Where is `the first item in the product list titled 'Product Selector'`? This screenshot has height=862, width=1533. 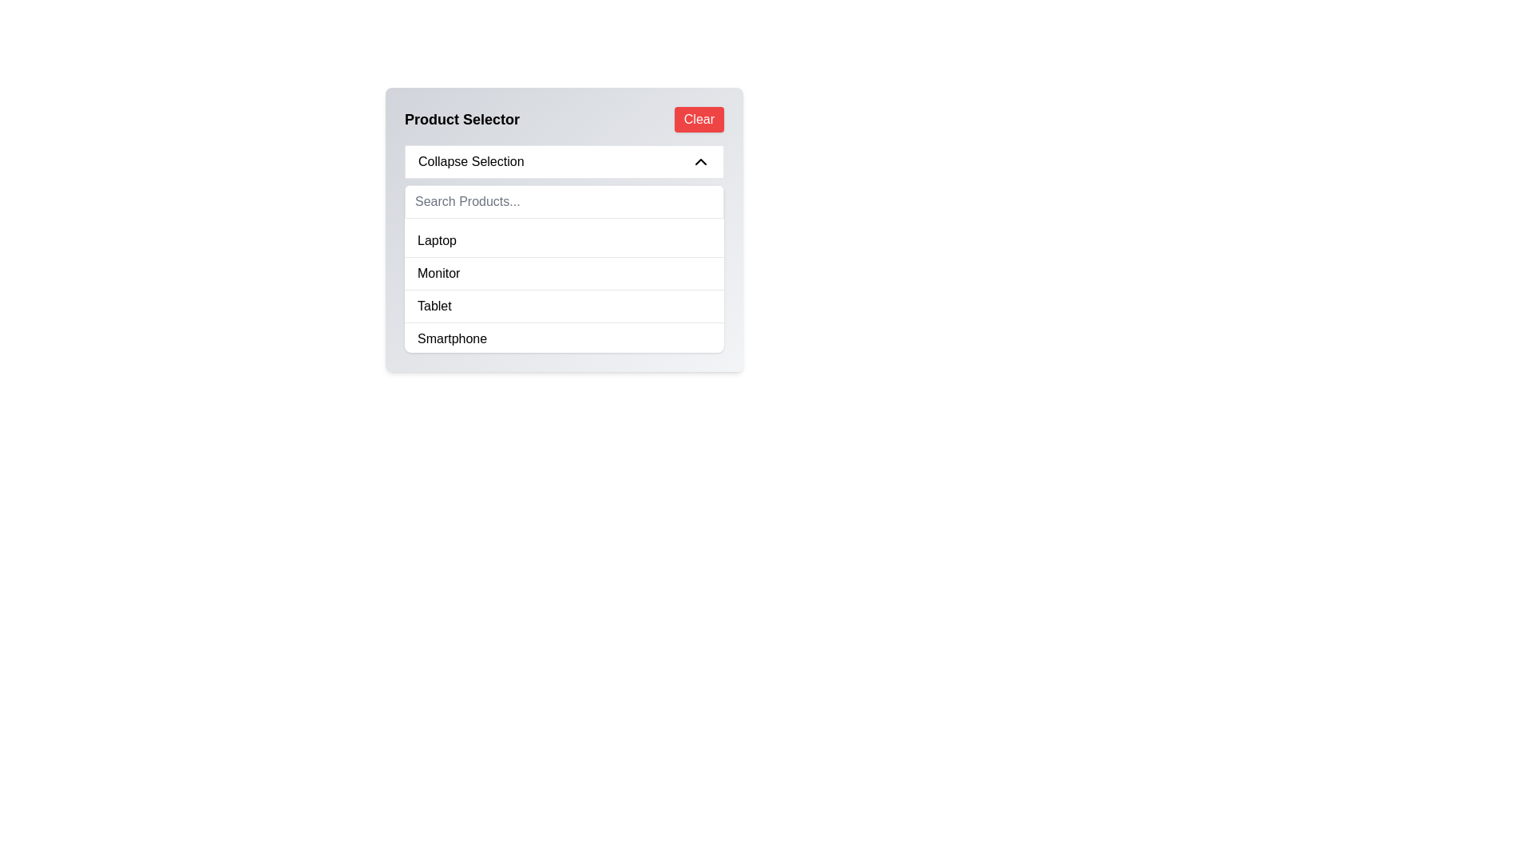
the first item in the product list titled 'Product Selector' is located at coordinates (564, 240).